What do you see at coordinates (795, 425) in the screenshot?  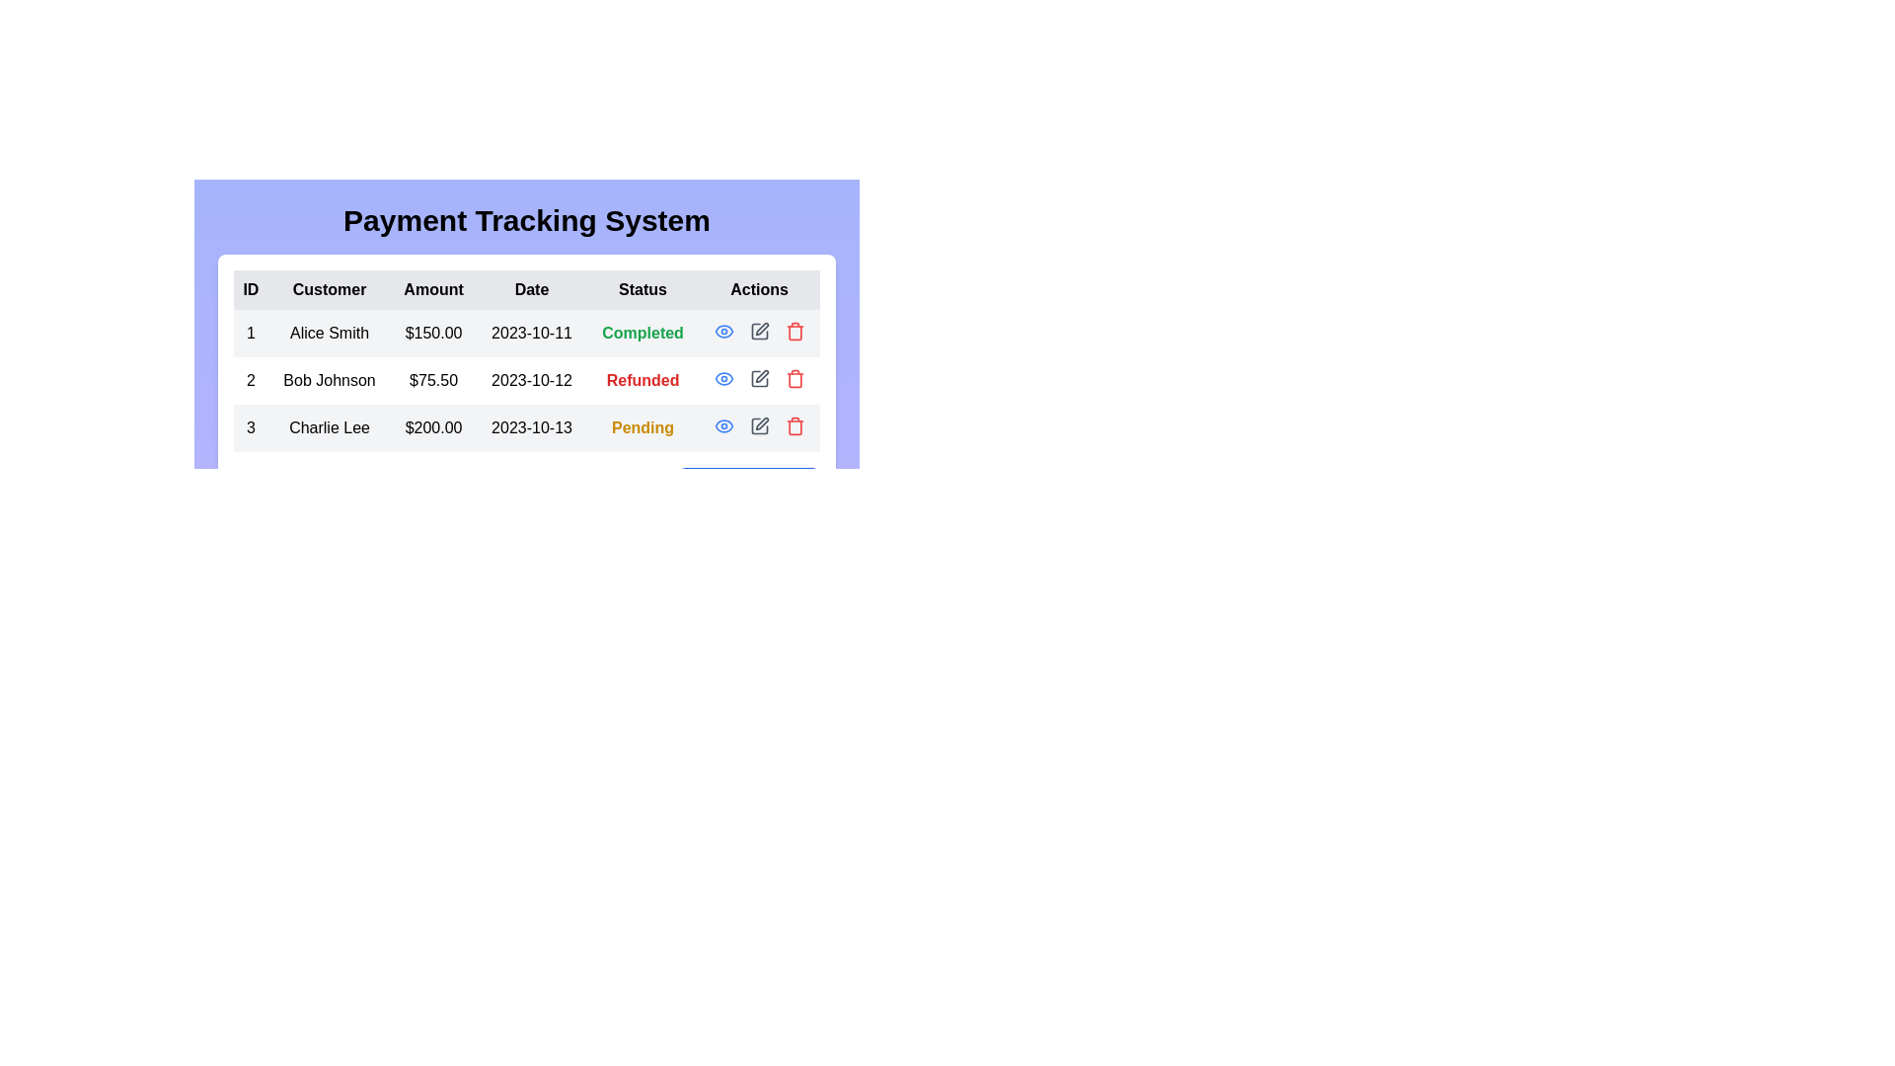 I see `the delete button icon in the 'Actions' column` at bounding box center [795, 425].